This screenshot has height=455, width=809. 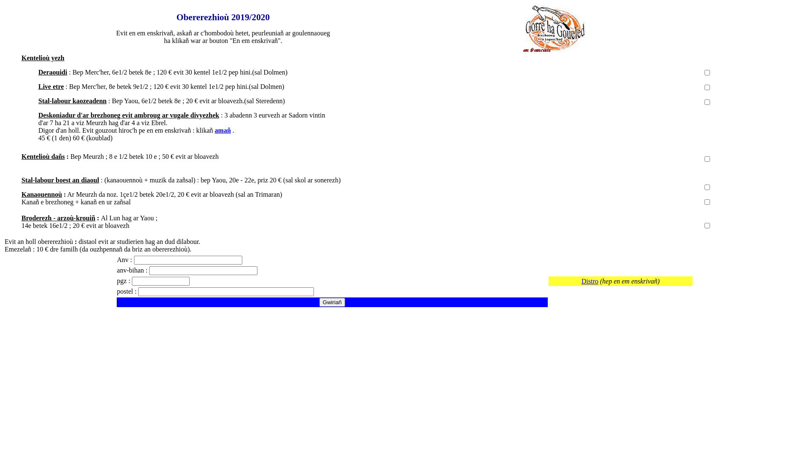 I want to click on 'Distro', so click(x=589, y=281).